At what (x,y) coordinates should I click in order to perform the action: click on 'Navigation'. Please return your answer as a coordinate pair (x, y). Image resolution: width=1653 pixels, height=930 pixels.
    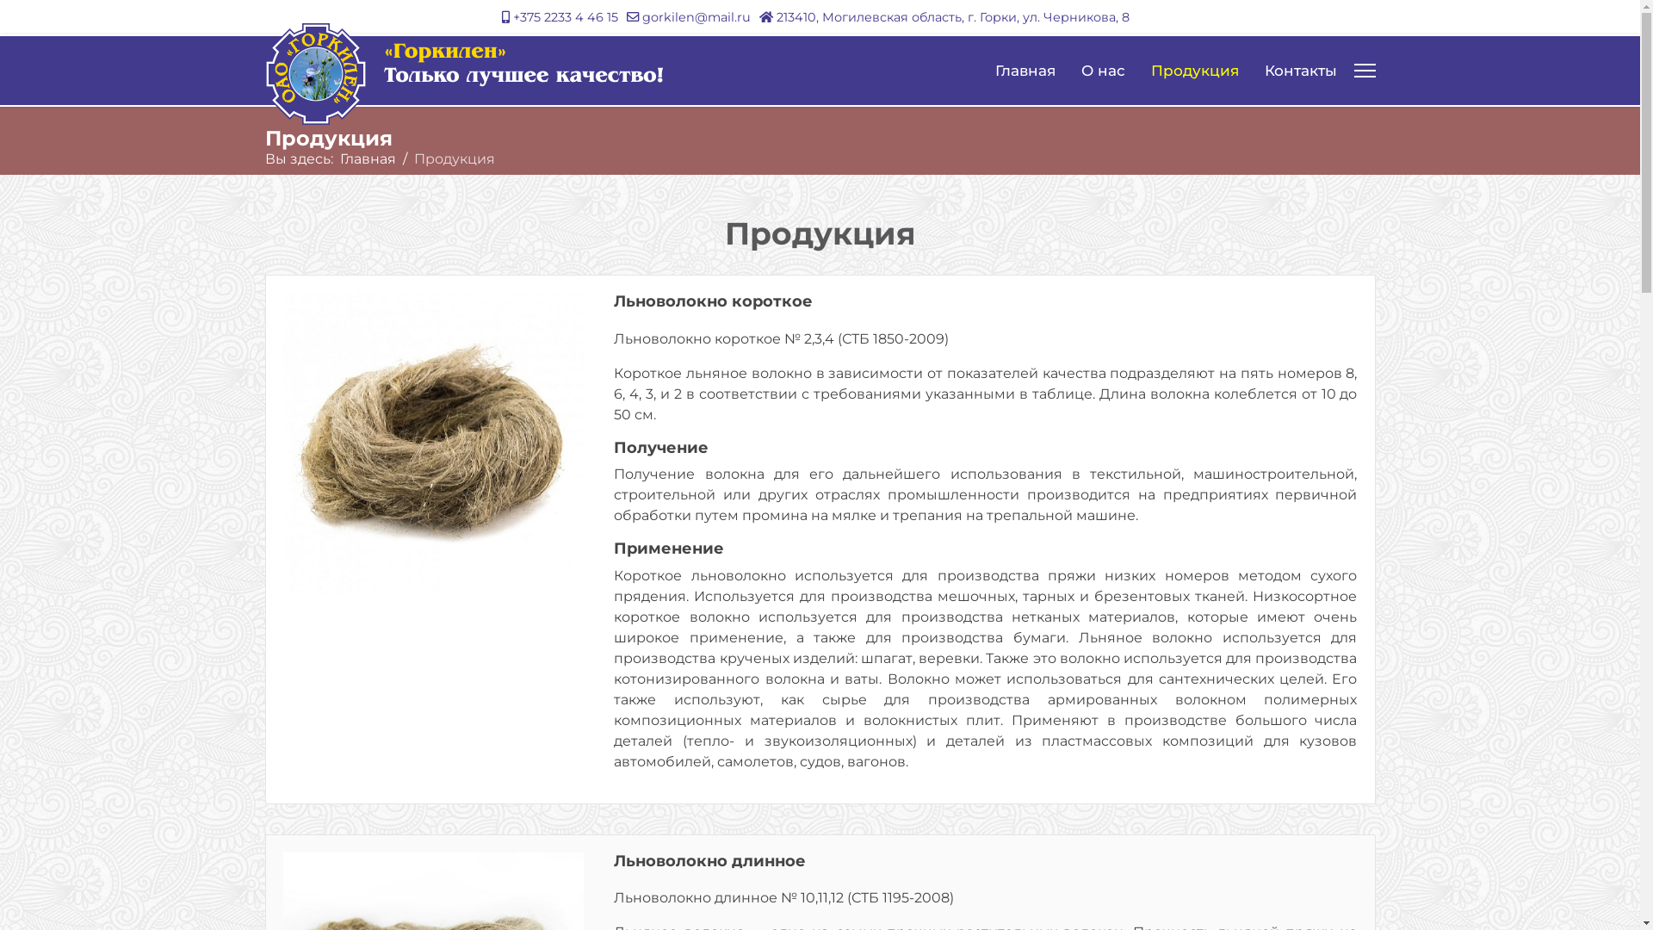
    Looking at the image, I should click on (1363, 69).